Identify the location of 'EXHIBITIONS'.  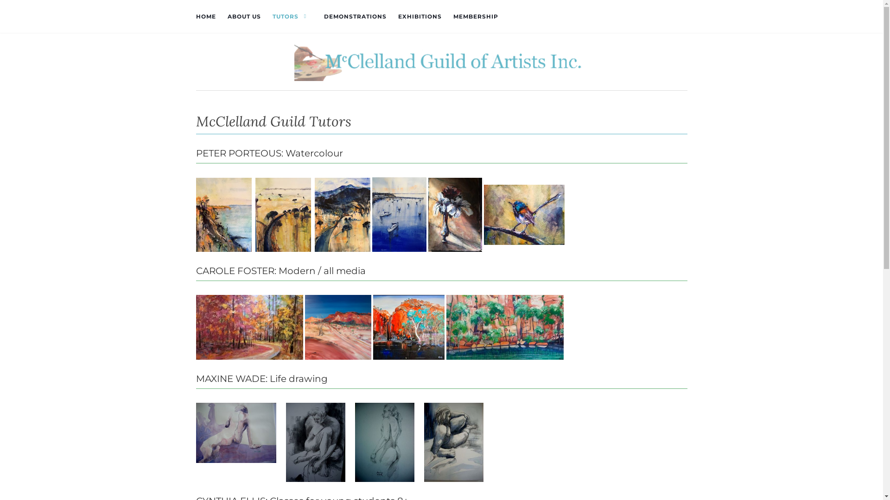
(419, 16).